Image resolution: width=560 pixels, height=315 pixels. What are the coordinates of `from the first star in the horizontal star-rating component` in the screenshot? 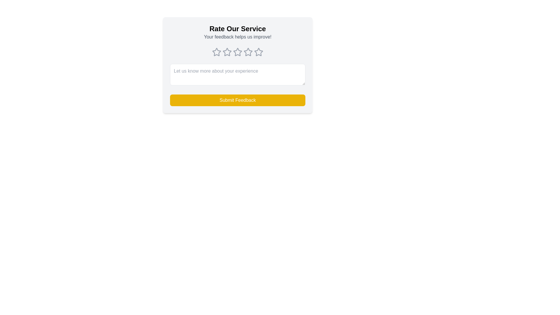 It's located at (216, 52).